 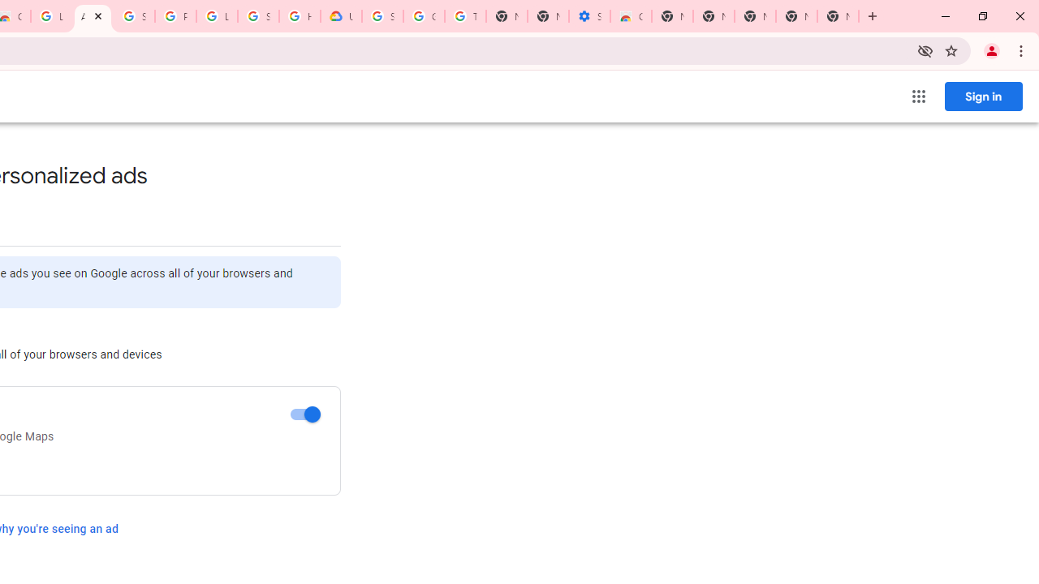 I want to click on 'Google Account Help', so click(x=424, y=16).